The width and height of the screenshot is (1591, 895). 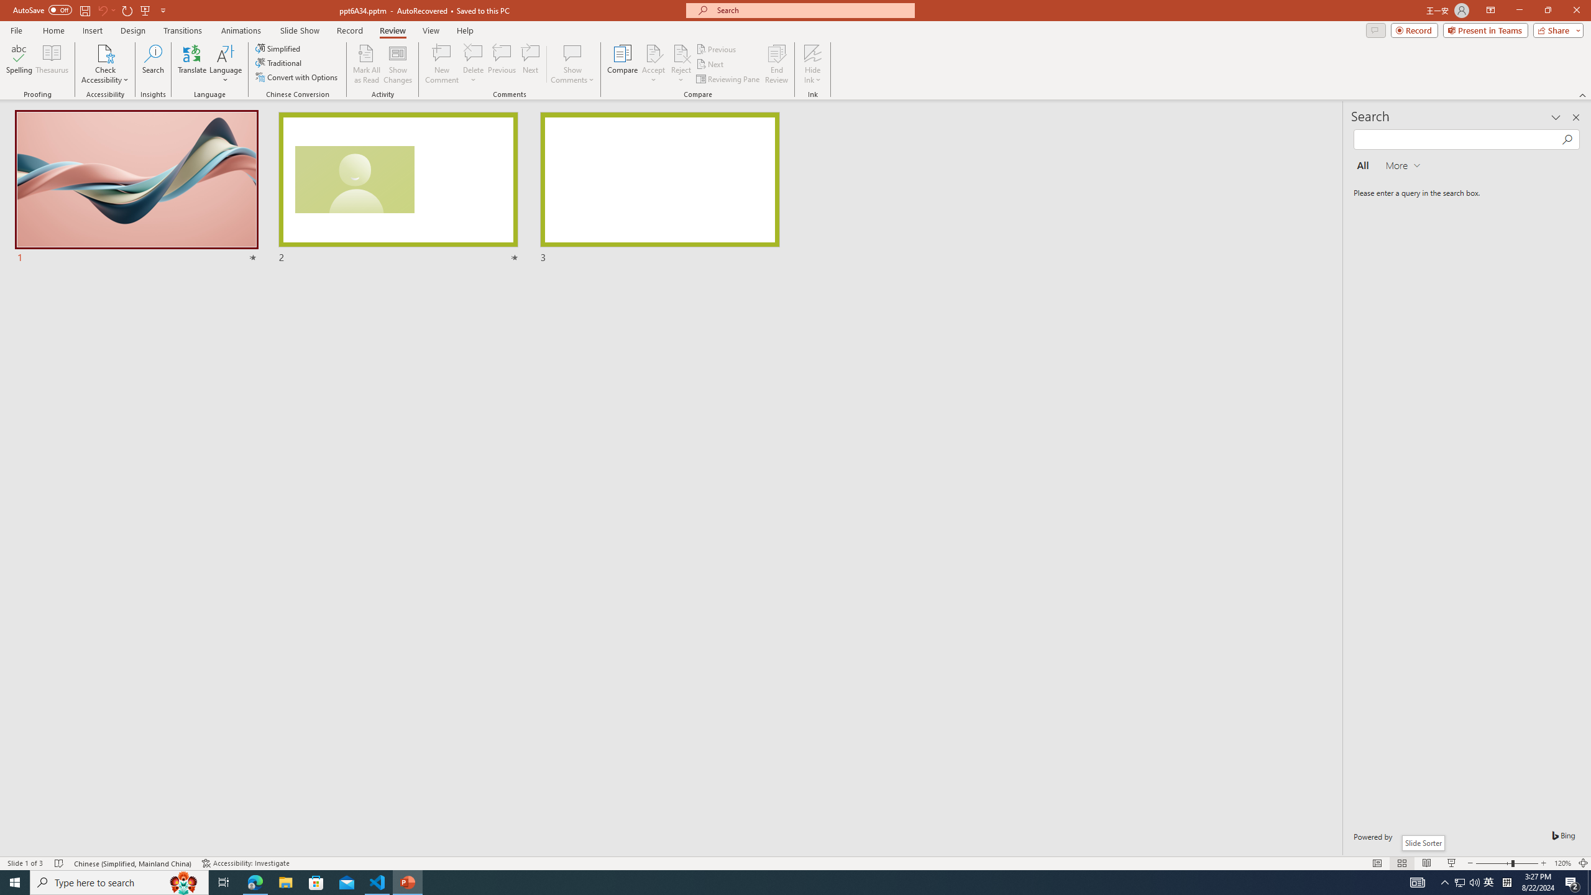 What do you see at coordinates (1422, 842) in the screenshot?
I see `'Slide Sorter'` at bounding box center [1422, 842].